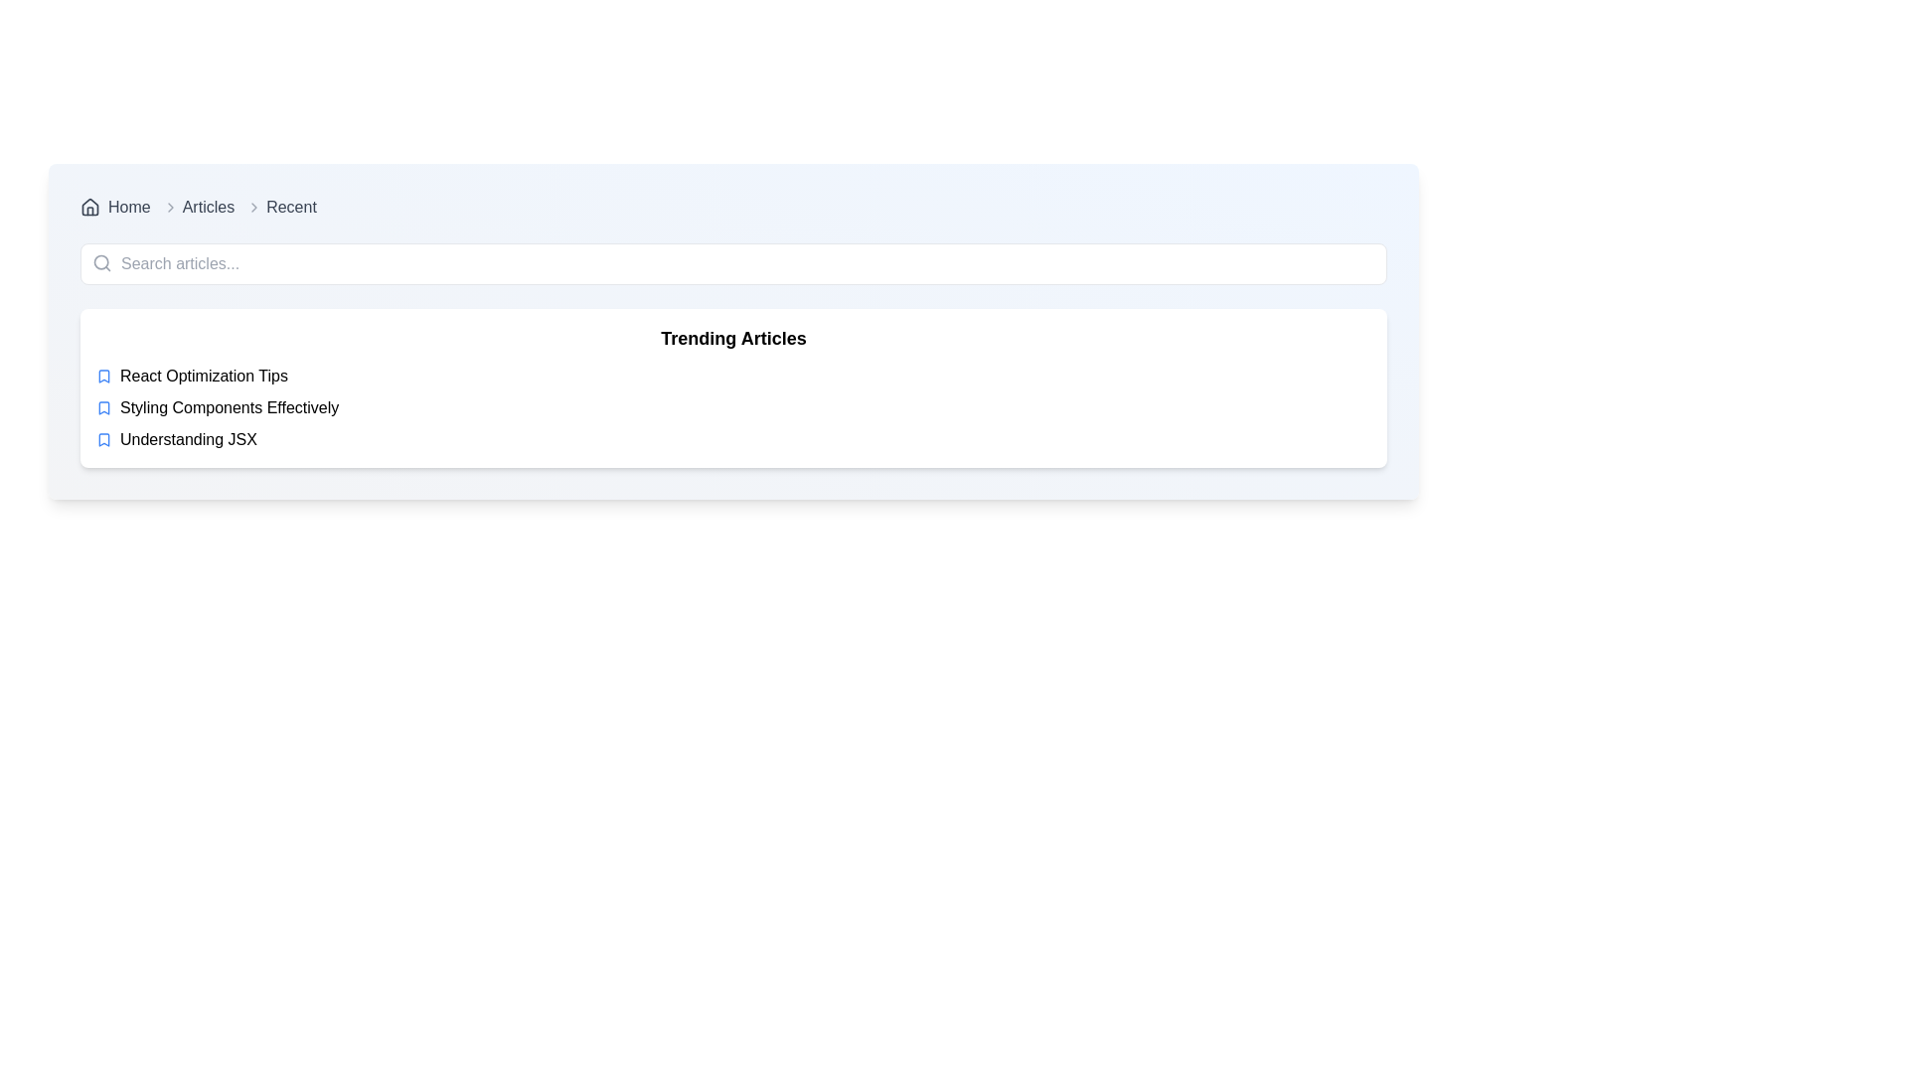 The image size is (1908, 1073). What do you see at coordinates (103, 439) in the screenshot?
I see `the blue minimalistic bookmark icon located to the left of 'Understanding JSX' under the 'Trending Articles' section` at bounding box center [103, 439].